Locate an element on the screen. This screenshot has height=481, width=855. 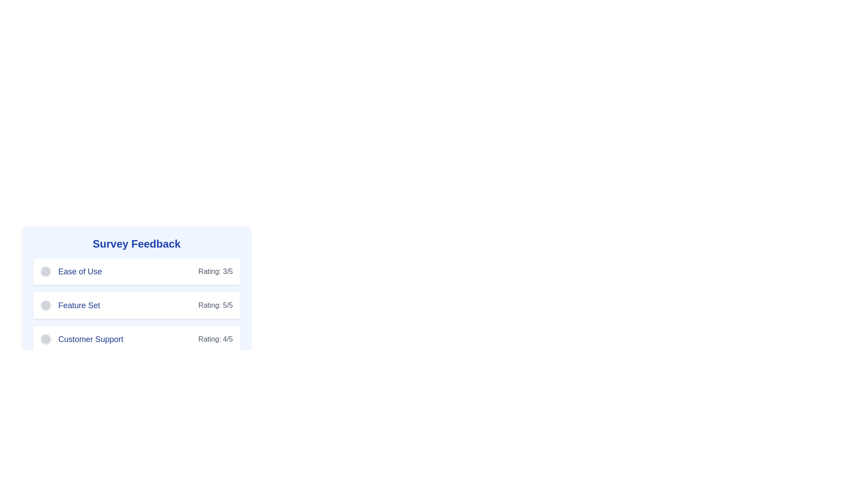
the 'Feature Set' label in the Survey Feedback section, which is the second row between 'Ease of Use' and 'Customer Support' is located at coordinates (79, 305).